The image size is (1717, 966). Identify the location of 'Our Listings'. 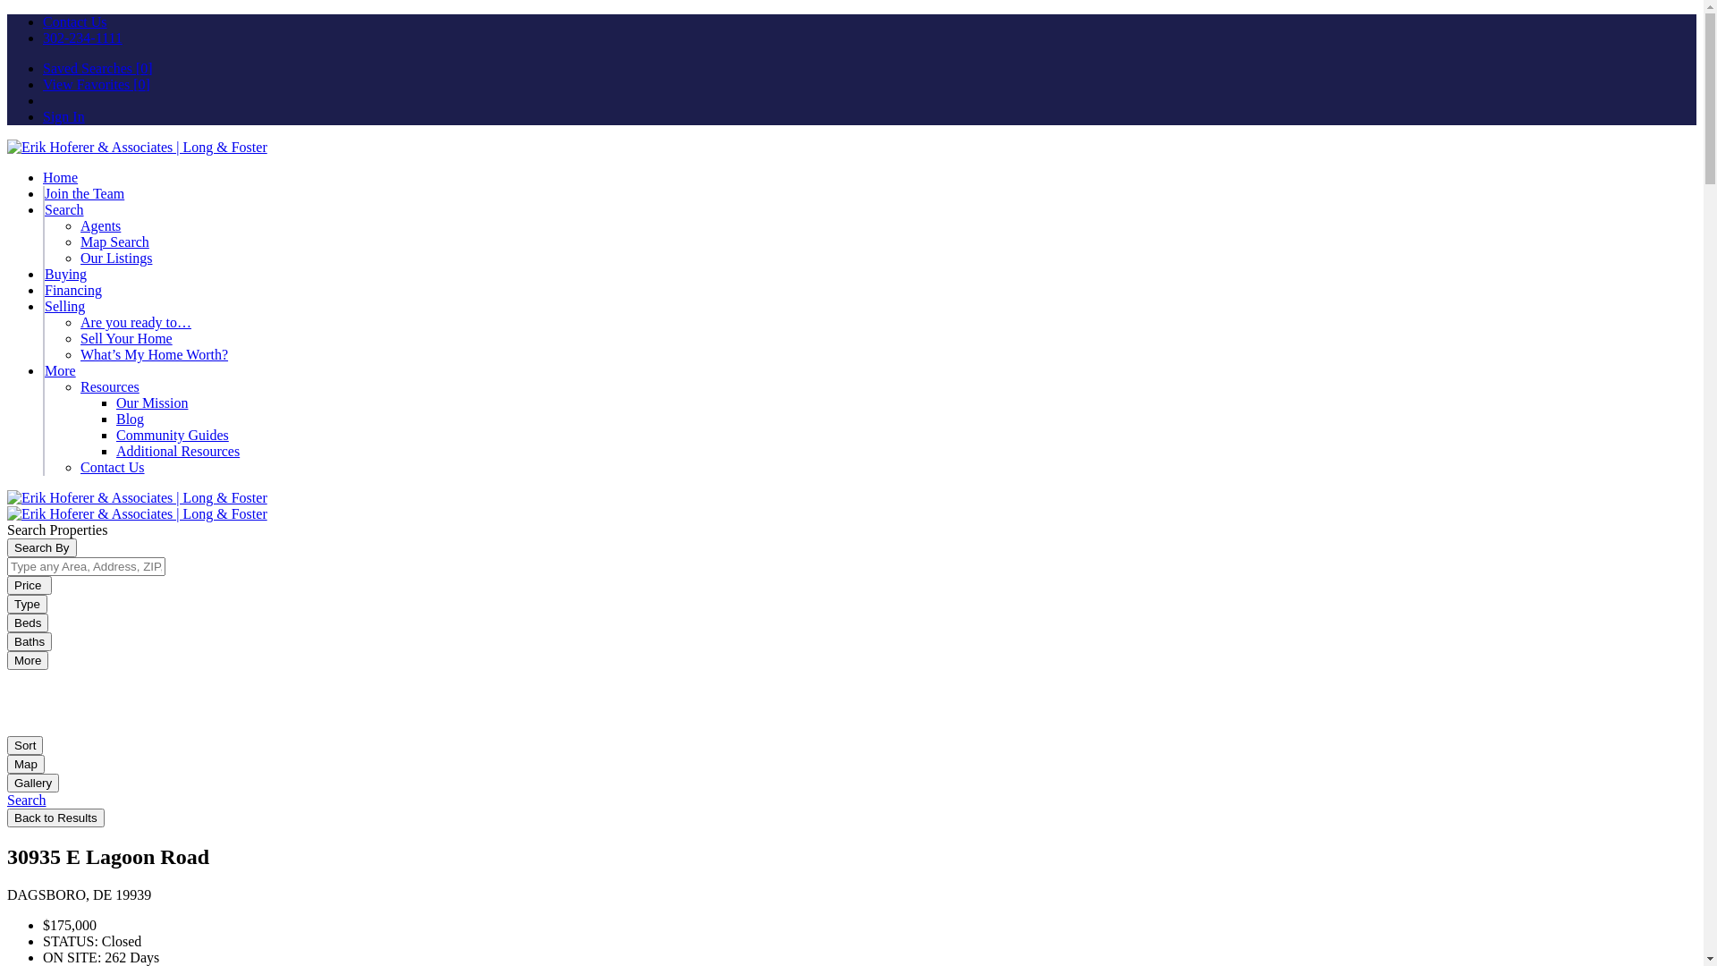
(114, 258).